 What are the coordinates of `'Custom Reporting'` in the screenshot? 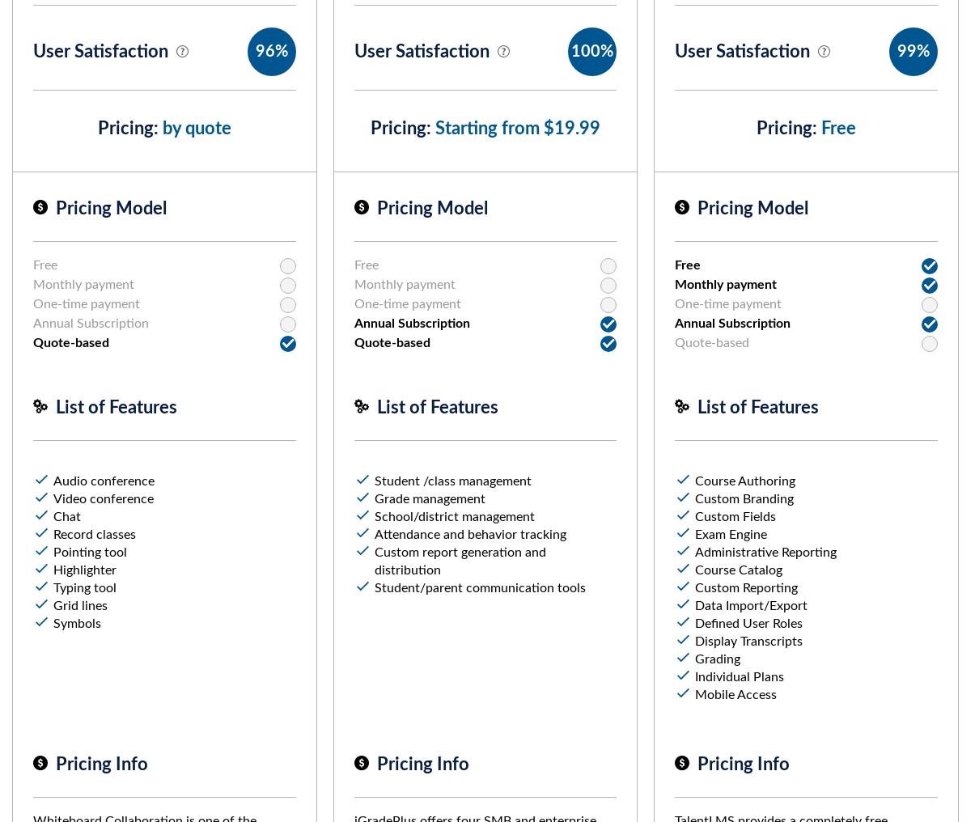 It's located at (695, 588).